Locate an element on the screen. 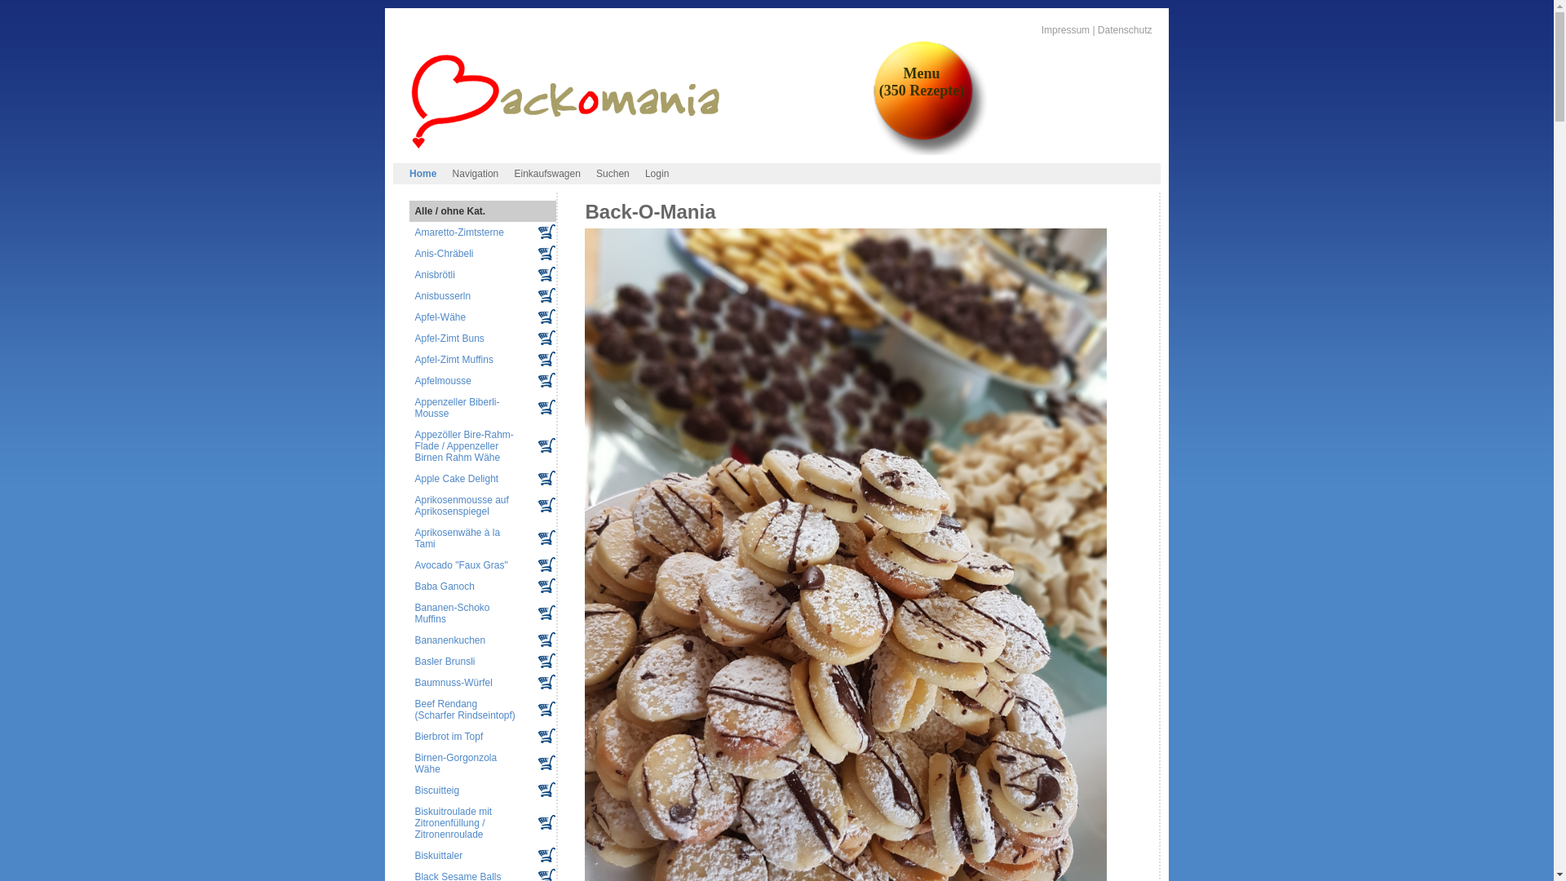 The image size is (1566, 881). 'Apfelmousse' is located at coordinates (442, 380).